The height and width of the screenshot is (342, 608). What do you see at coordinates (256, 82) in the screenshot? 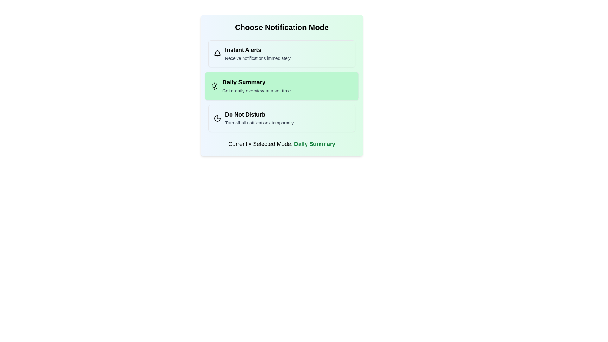
I see `'Daily Summary' textual header, which is prominently displayed in bold black font against a light green background` at bounding box center [256, 82].